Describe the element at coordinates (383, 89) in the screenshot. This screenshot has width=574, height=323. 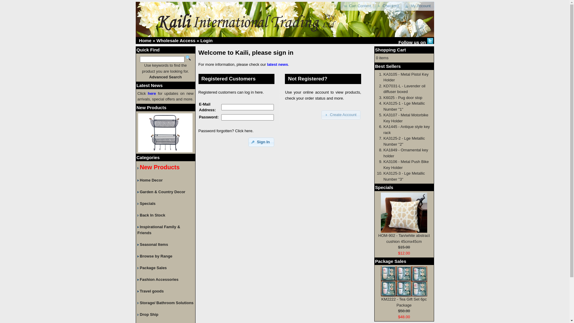
I see `'KD7031-L - Lavender oil diffuser boxed'` at that location.